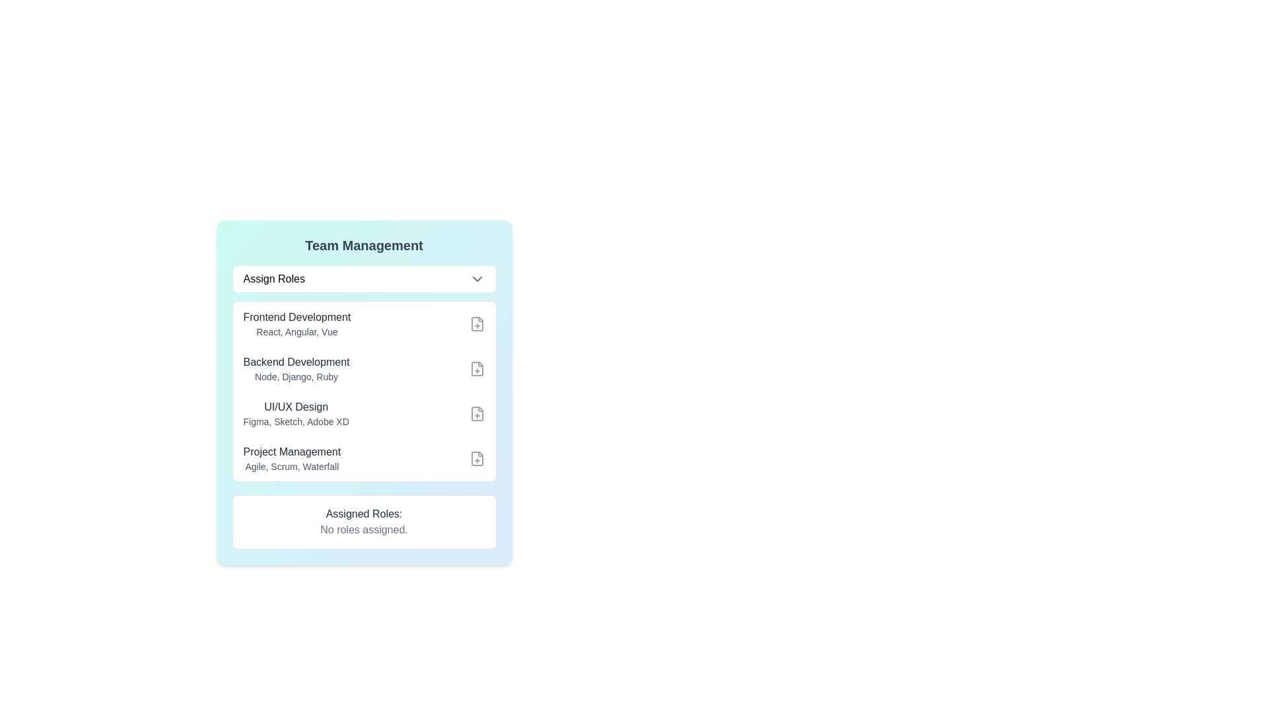 The image size is (1268, 713). What do you see at coordinates (364, 529) in the screenshot?
I see `the static text display indicating that no roles have been assigned, located under the panel titled 'Assigned Roles:' and centered horizontally` at bounding box center [364, 529].